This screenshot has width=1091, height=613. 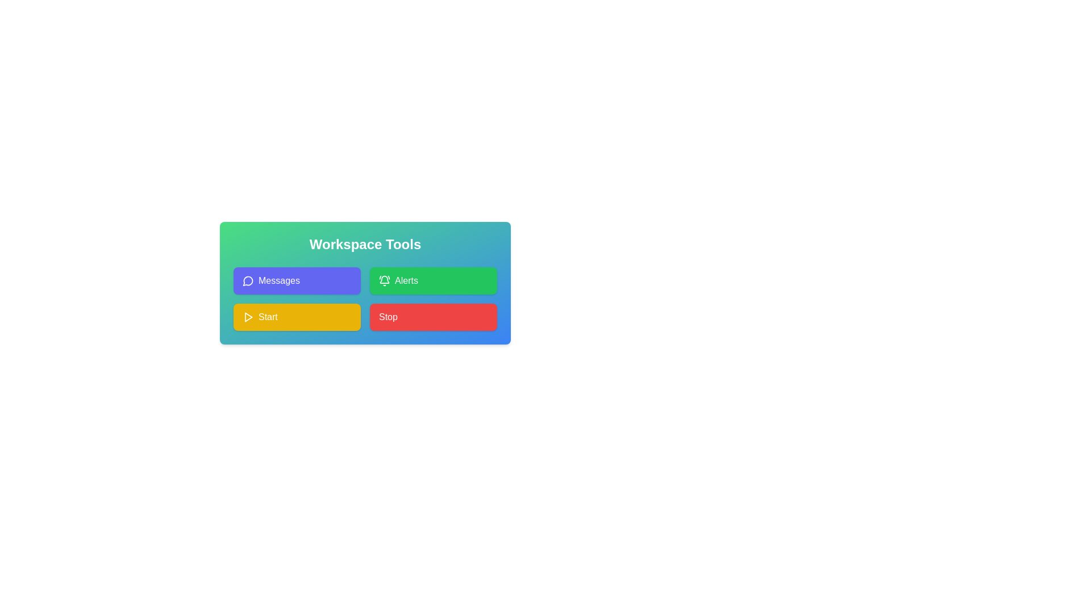 What do you see at coordinates (247, 317) in the screenshot?
I see `the play icon within the 'Start' button located in the bottom-left corner of the card interface` at bounding box center [247, 317].